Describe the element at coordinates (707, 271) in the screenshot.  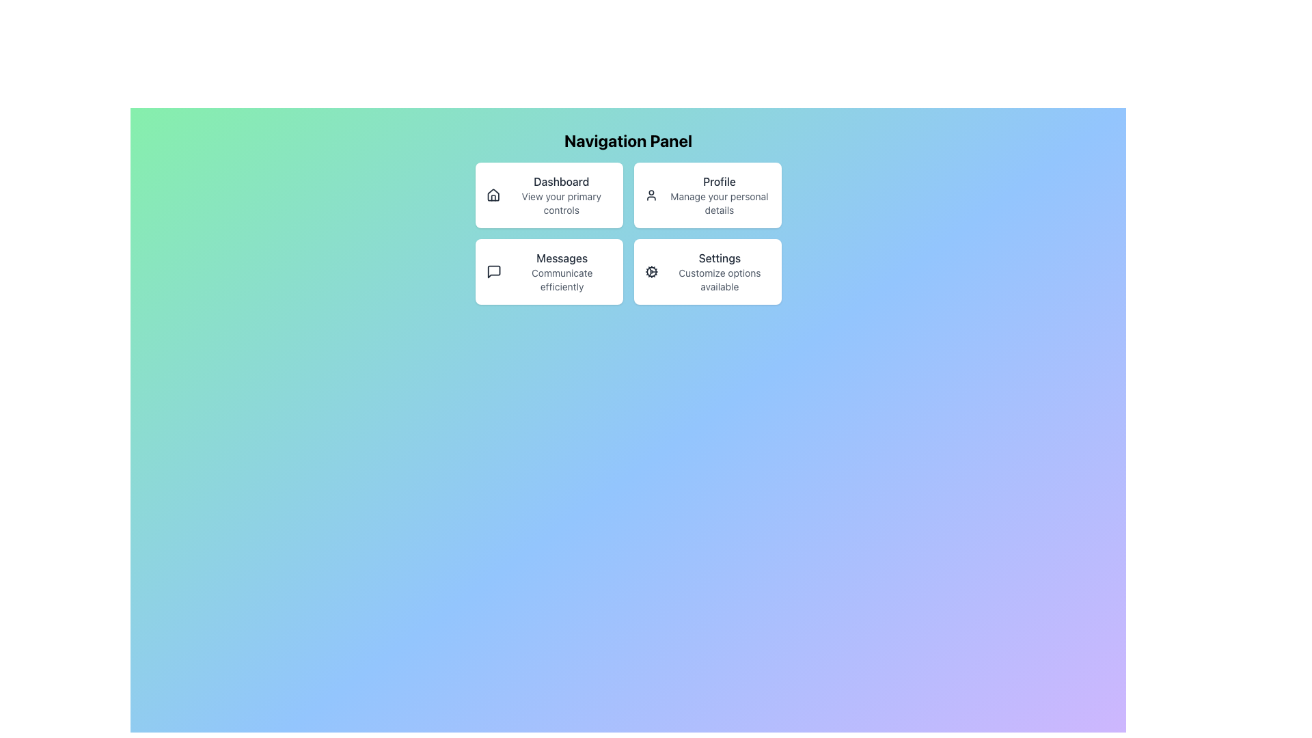
I see `the tile-shaped 'Settings' button with rounded corners and a cogwheel icon` at that location.